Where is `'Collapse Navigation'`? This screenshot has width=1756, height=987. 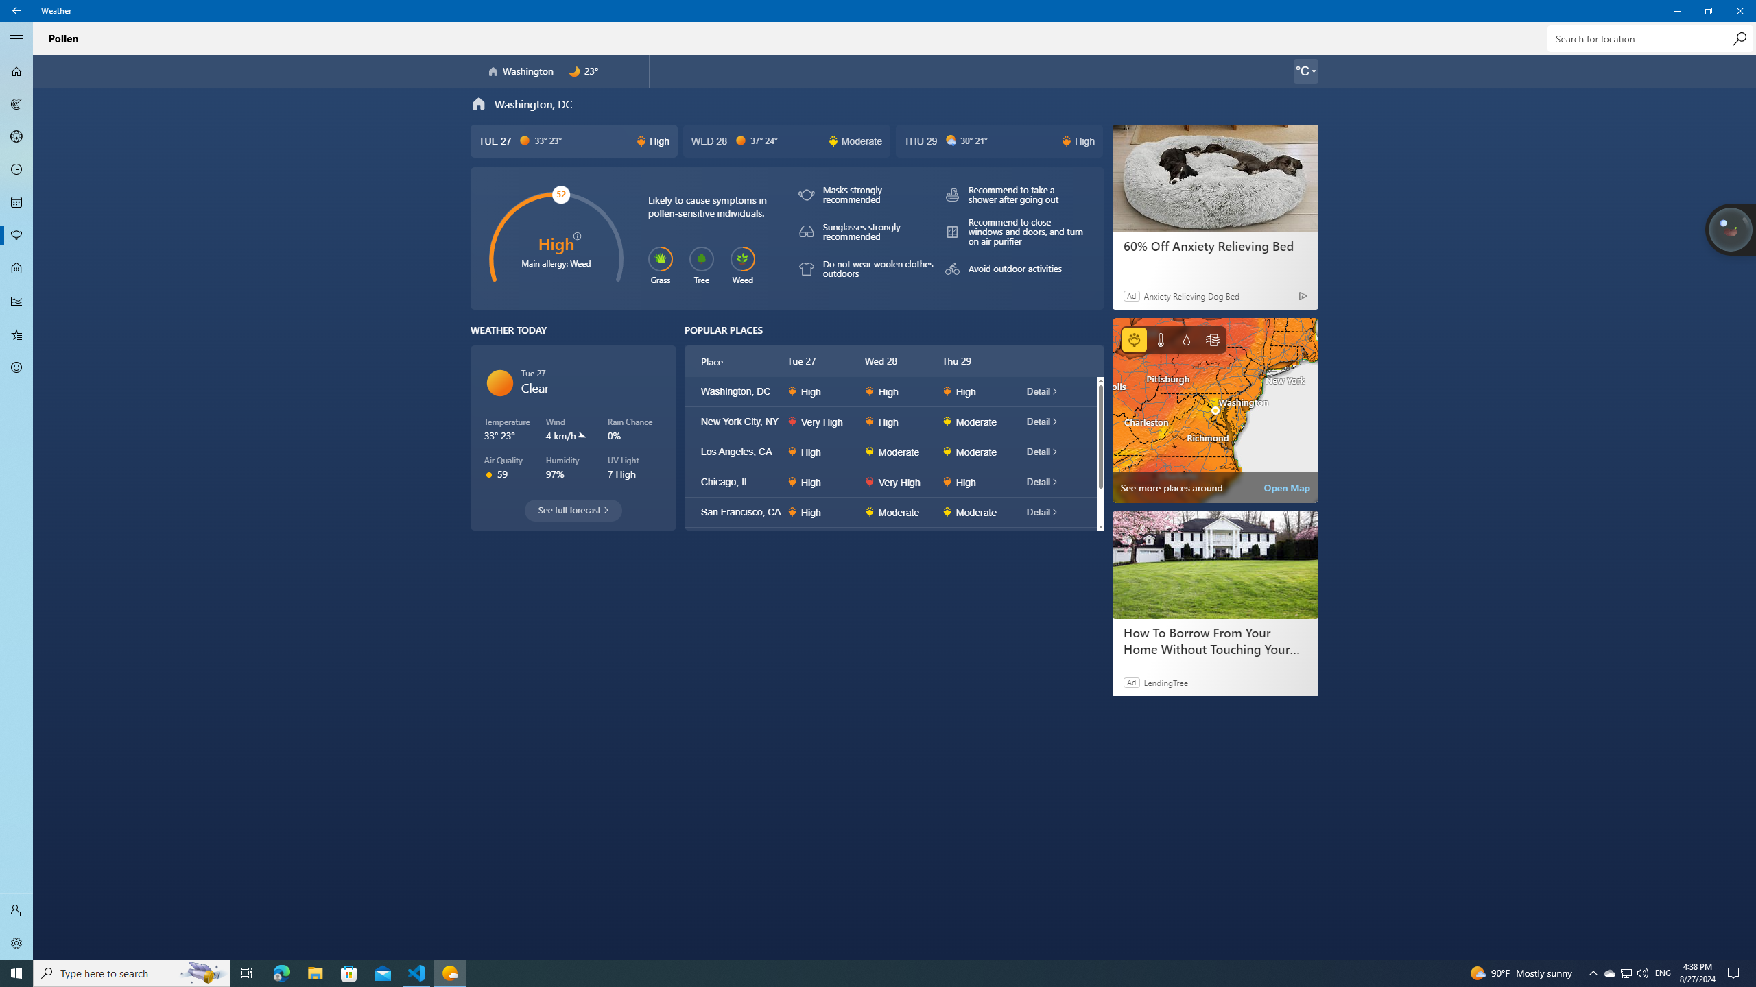
'Collapse Navigation' is located at coordinates (16, 38).